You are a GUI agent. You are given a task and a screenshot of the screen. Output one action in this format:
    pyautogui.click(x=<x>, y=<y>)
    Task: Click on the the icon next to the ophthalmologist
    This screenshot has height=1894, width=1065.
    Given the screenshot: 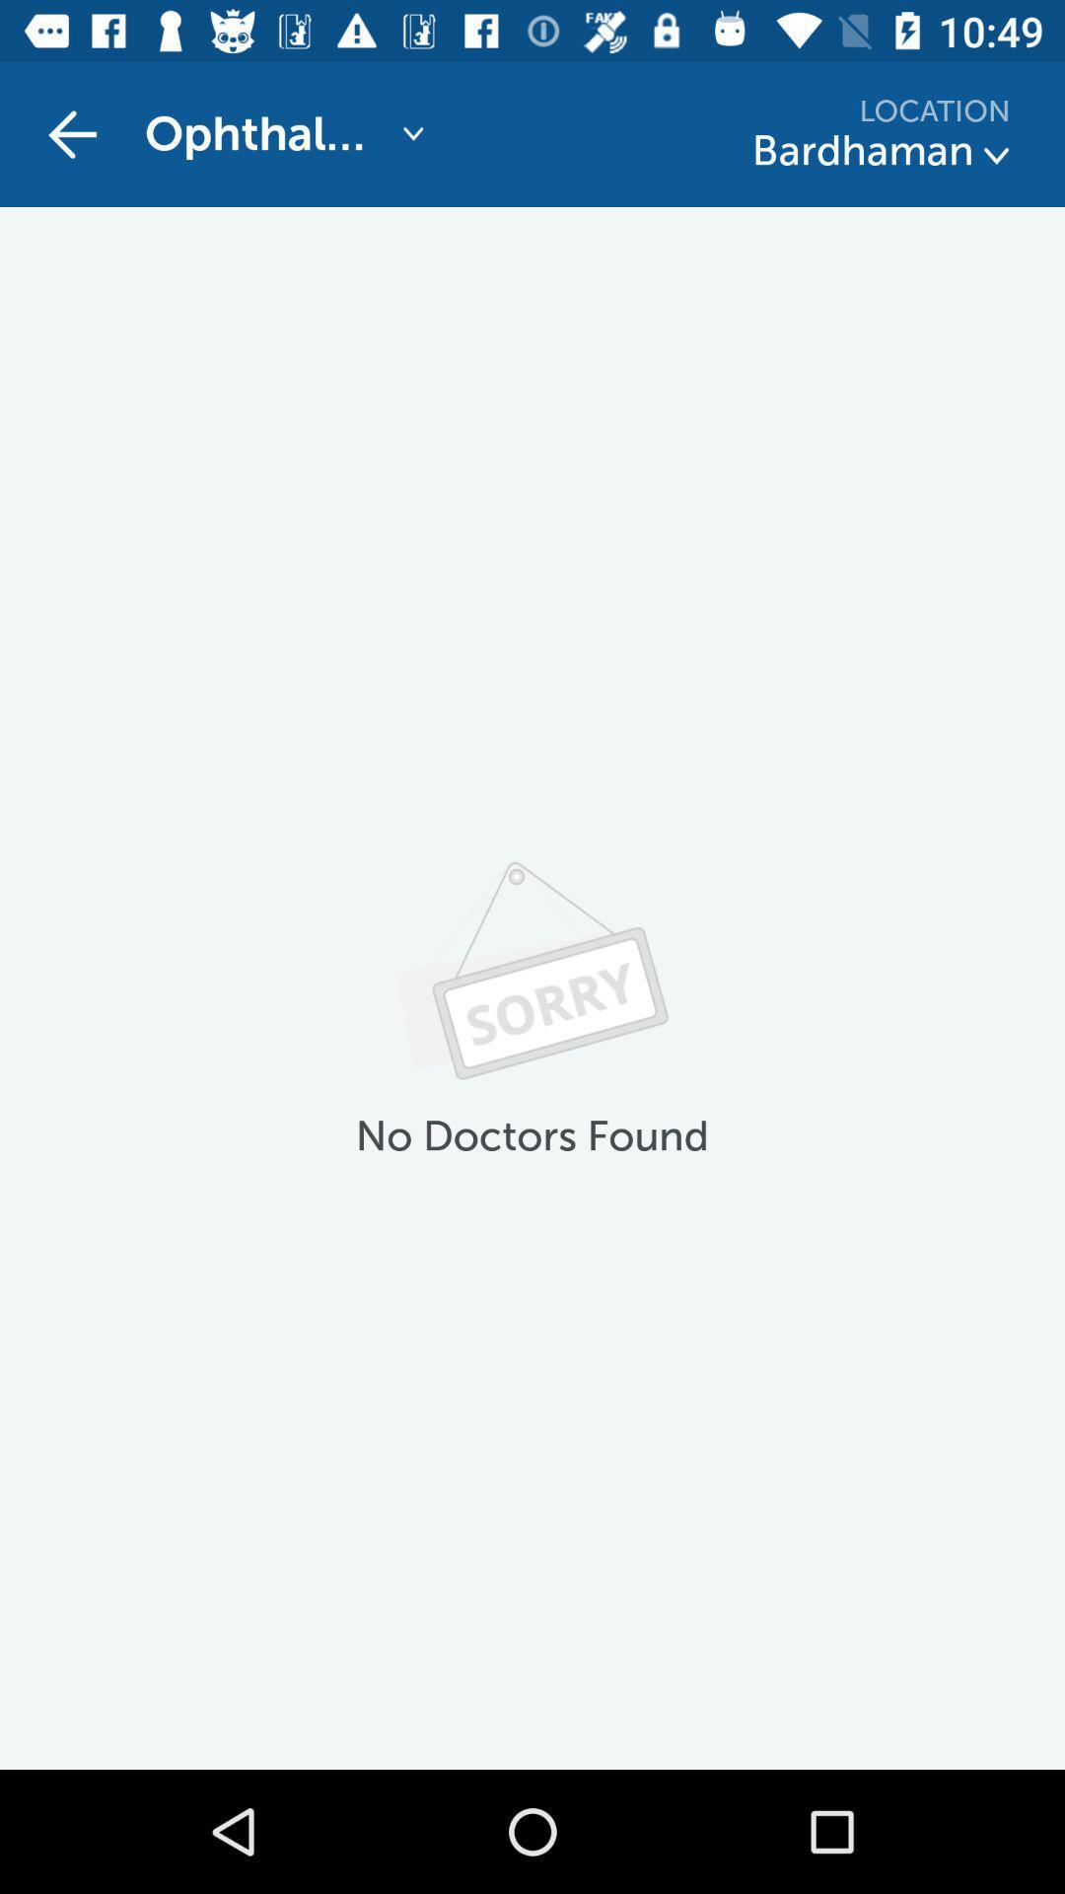 What is the action you would take?
    pyautogui.click(x=71, y=133)
    